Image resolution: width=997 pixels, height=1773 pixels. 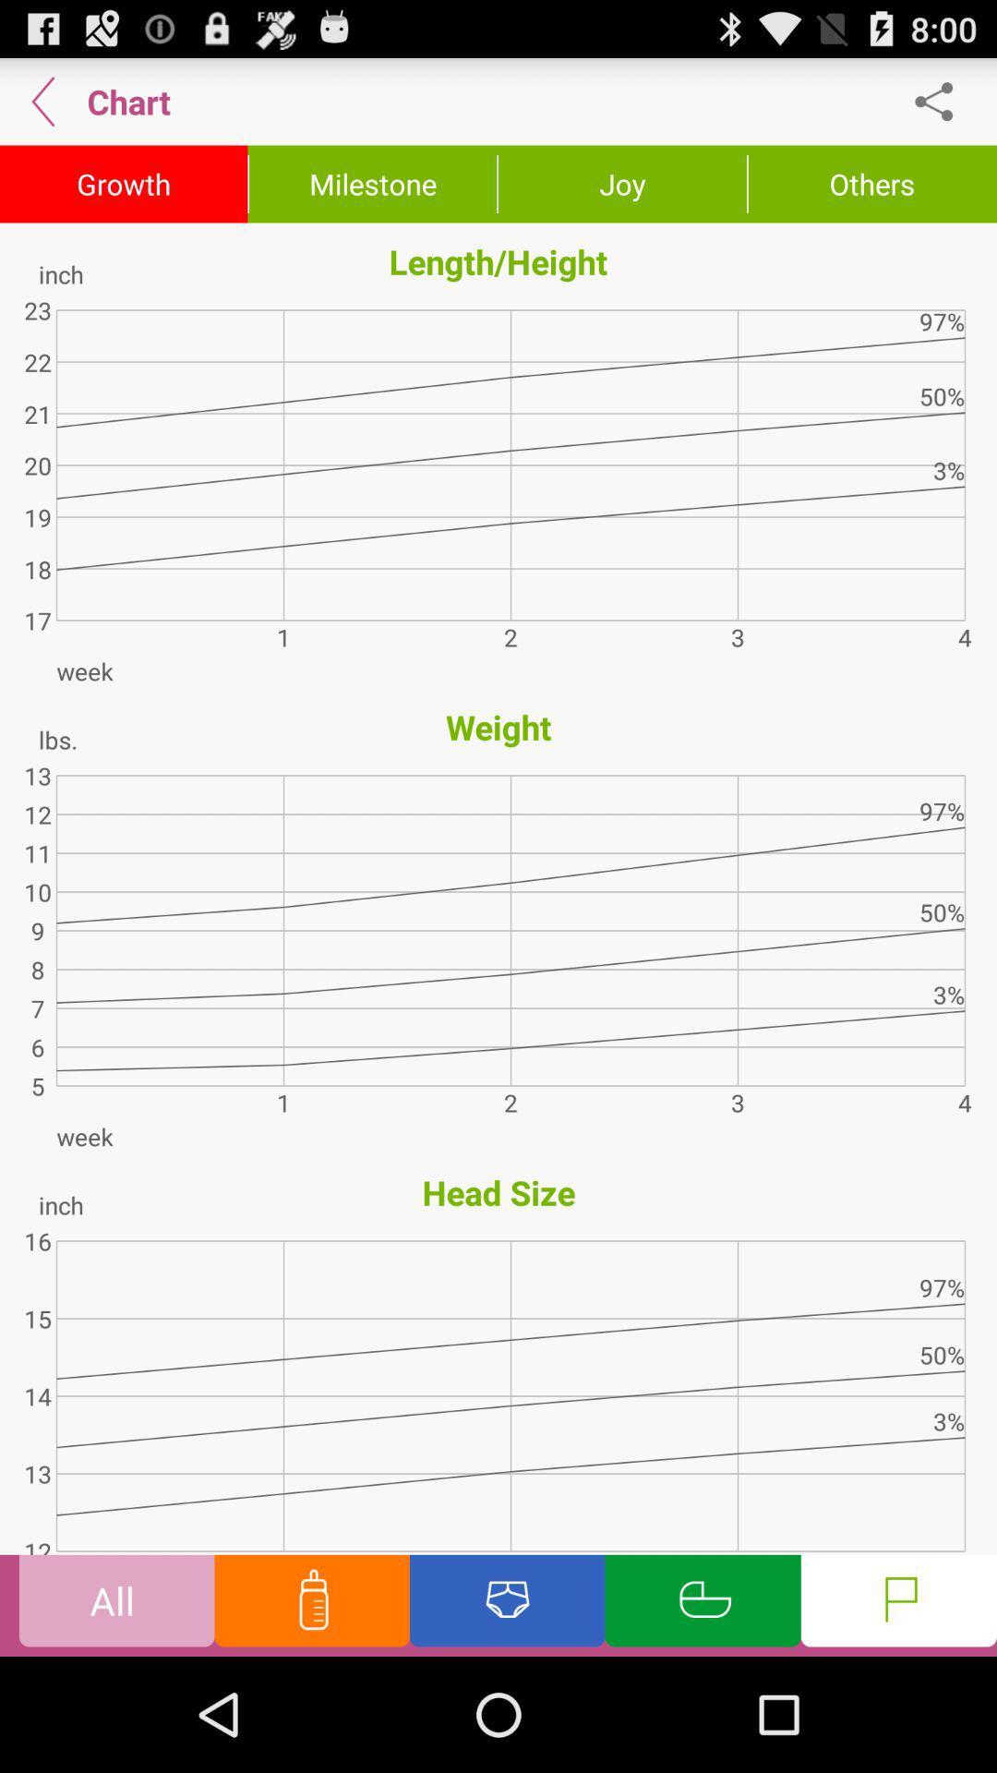 I want to click on all button, so click(x=116, y=1604).